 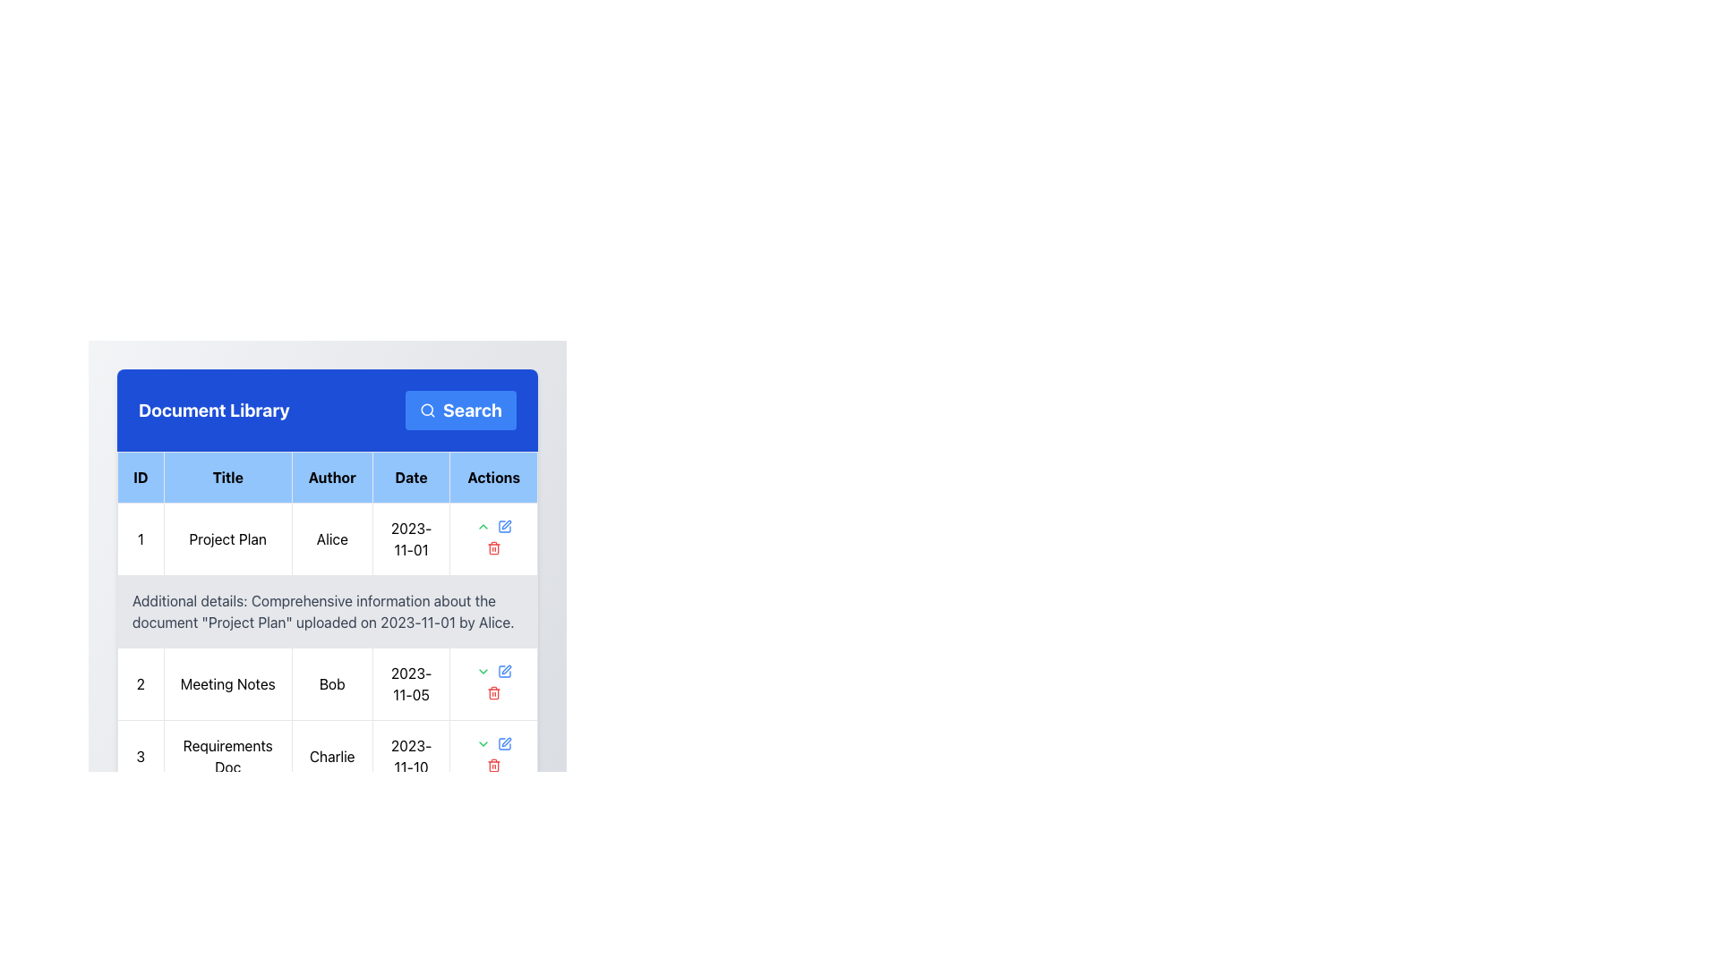 I want to click on the Table Header Cell with the text 'Title', which has a light blue background and bold black text, located between the 'ID' and 'Author' header cells, so click(x=227, y=476).